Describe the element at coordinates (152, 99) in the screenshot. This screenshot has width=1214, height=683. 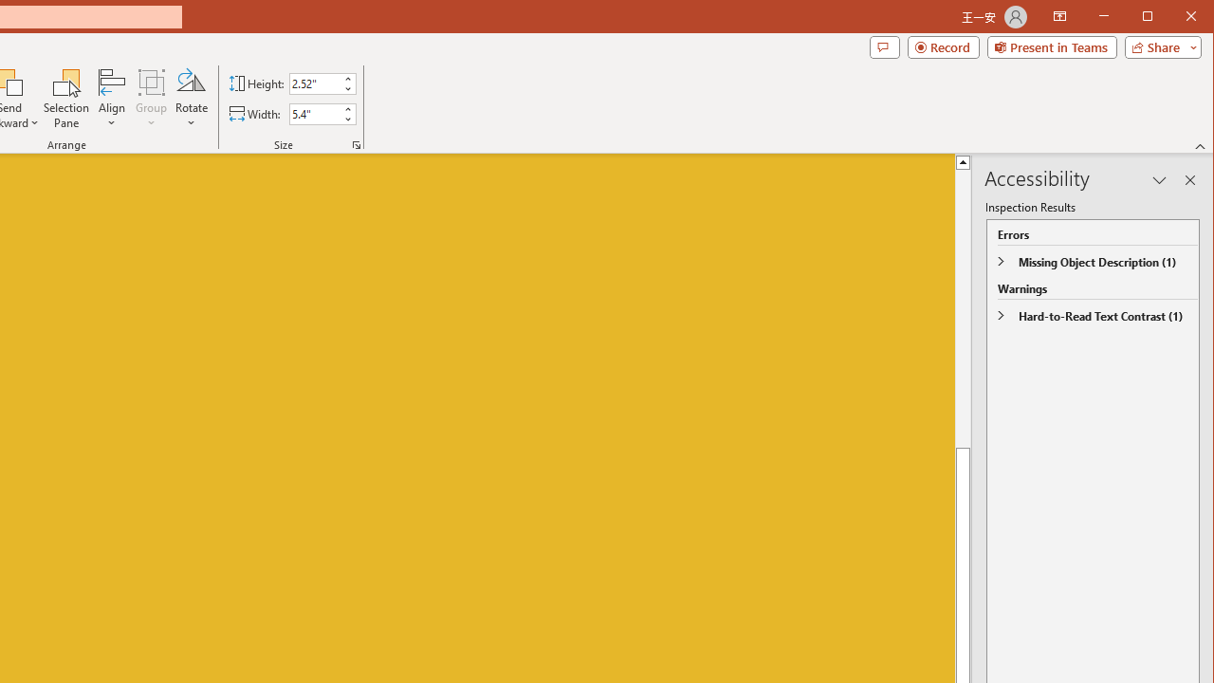
I see `'Group'` at that location.